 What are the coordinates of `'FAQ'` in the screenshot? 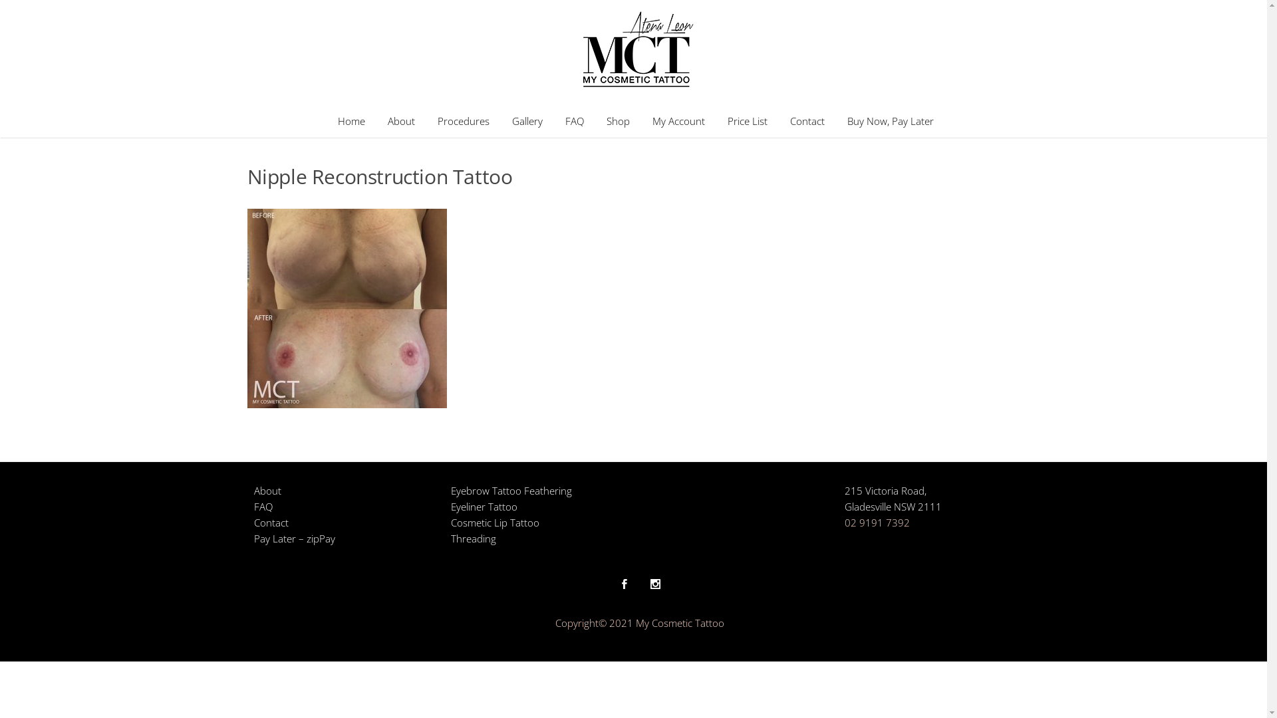 It's located at (263, 507).